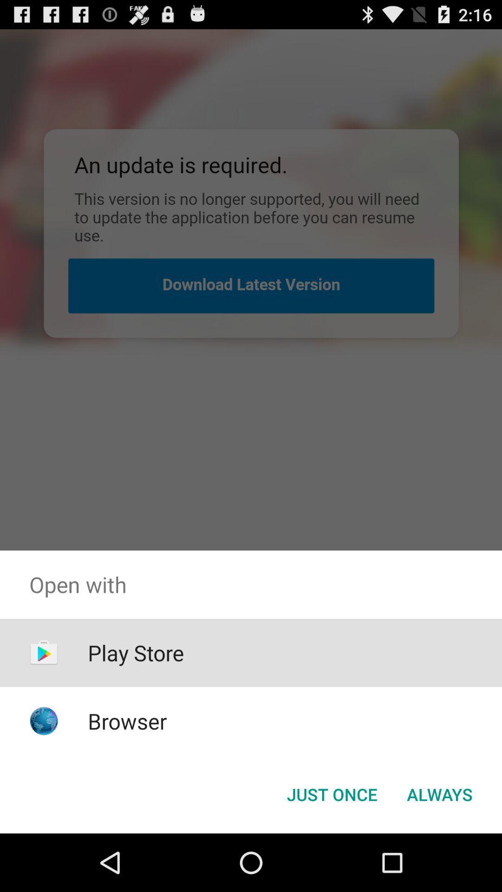  Describe the element at coordinates (439, 794) in the screenshot. I see `item next to just once button` at that location.